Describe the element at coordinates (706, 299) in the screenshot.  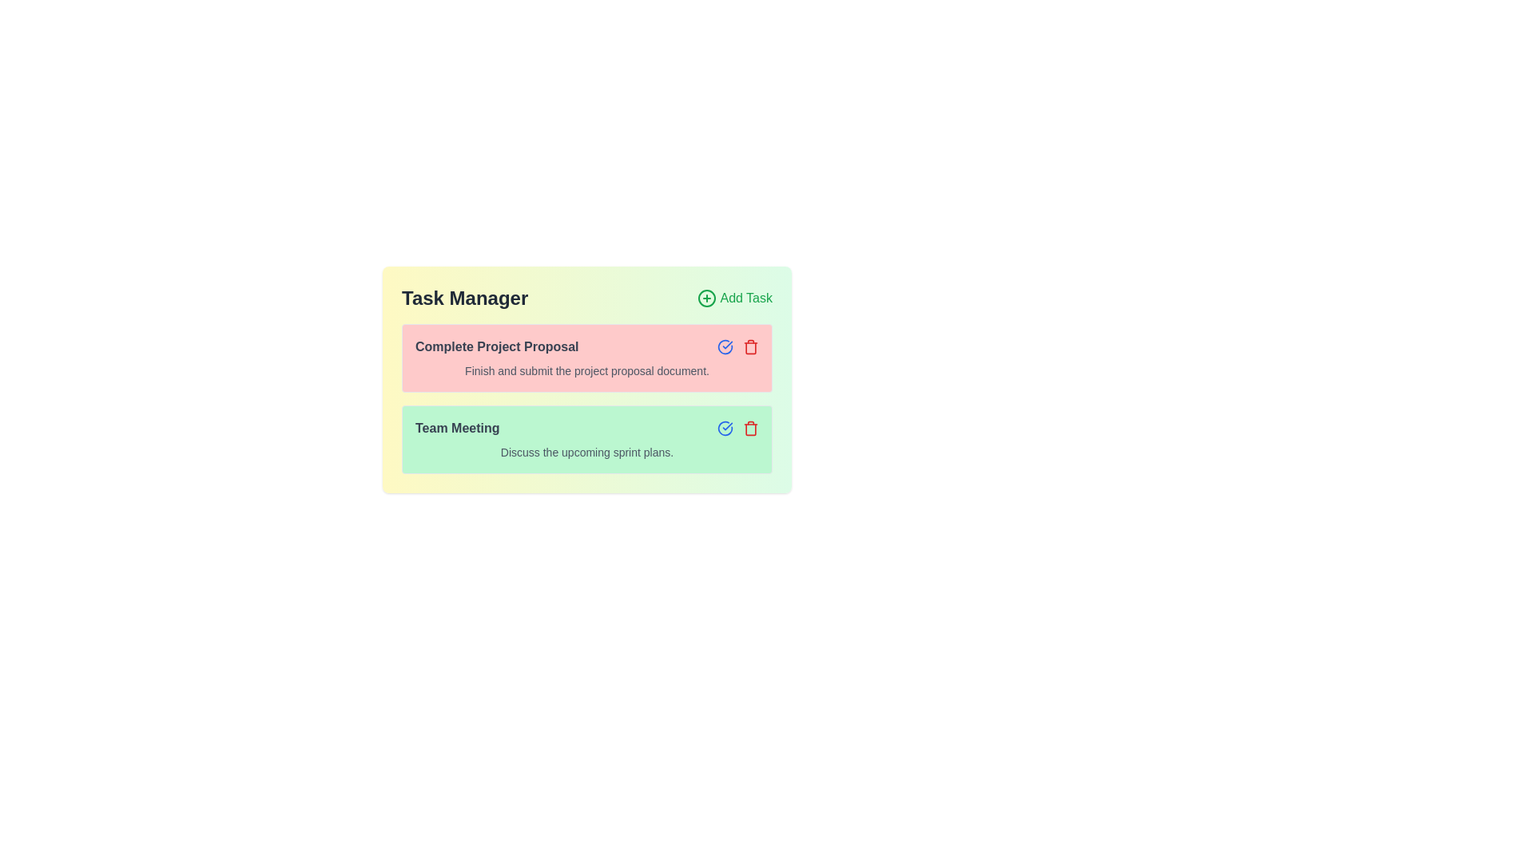
I see `the circular green icon with a plus sign located to the left of the 'Add Task' text in the top-right corner of the Task Manager interface` at that location.